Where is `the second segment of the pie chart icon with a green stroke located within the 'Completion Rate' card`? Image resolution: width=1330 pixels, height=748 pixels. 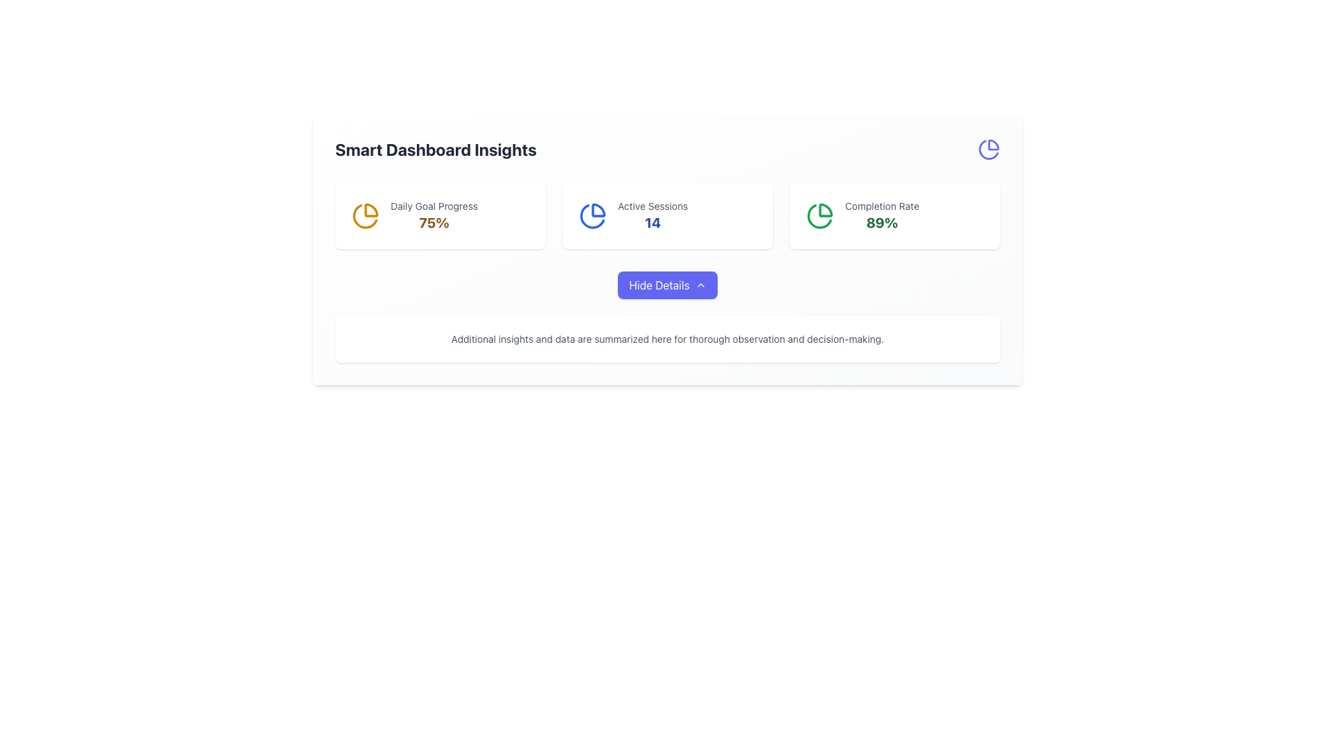
the second segment of the pie chart icon with a green stroke located within the 'Completion Rate' card is located at coordinates (819, 216).